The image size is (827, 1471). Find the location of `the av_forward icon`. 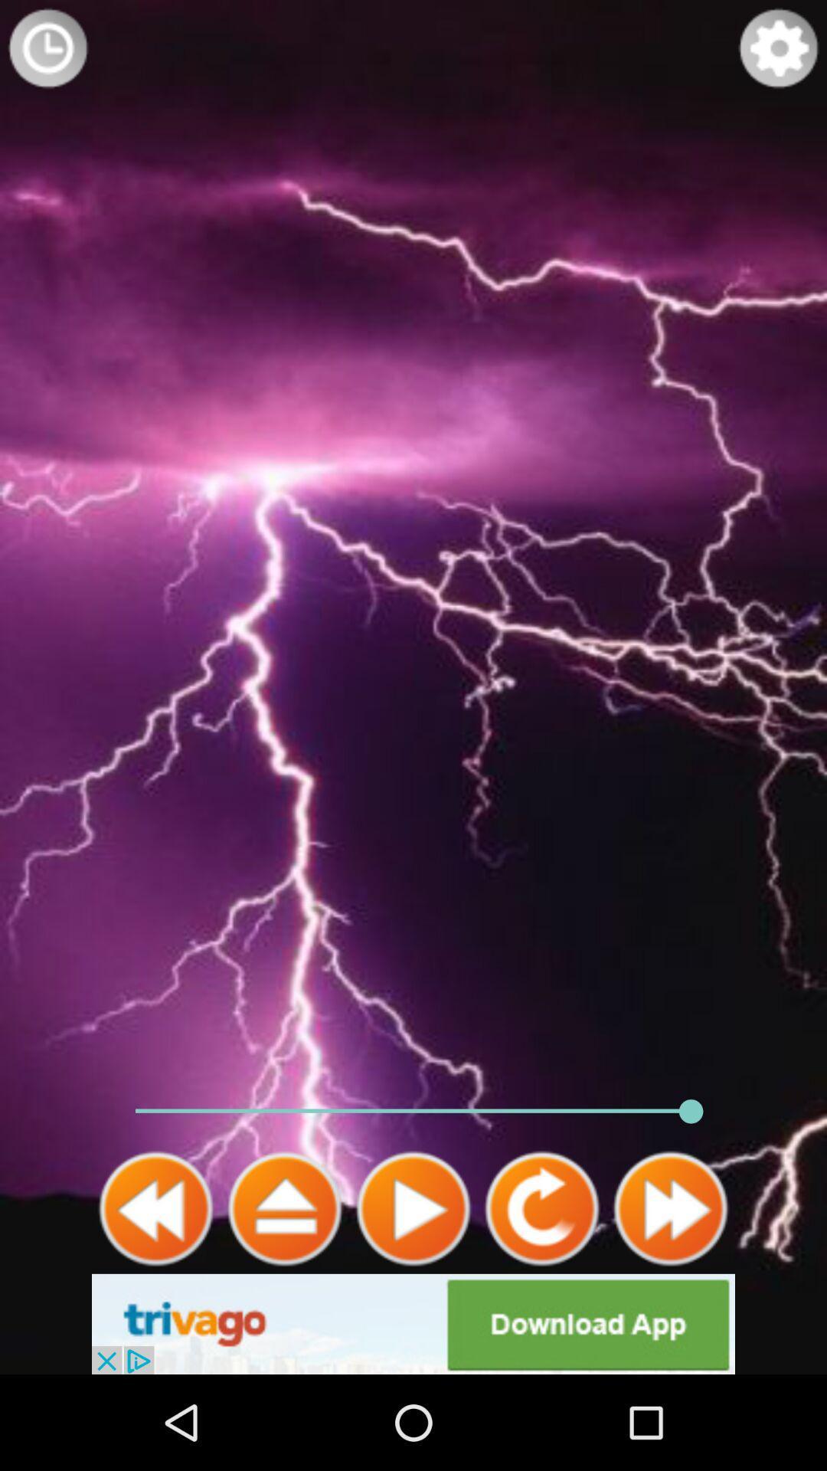

the av_forward icon is located at coordinates (669, 1293).